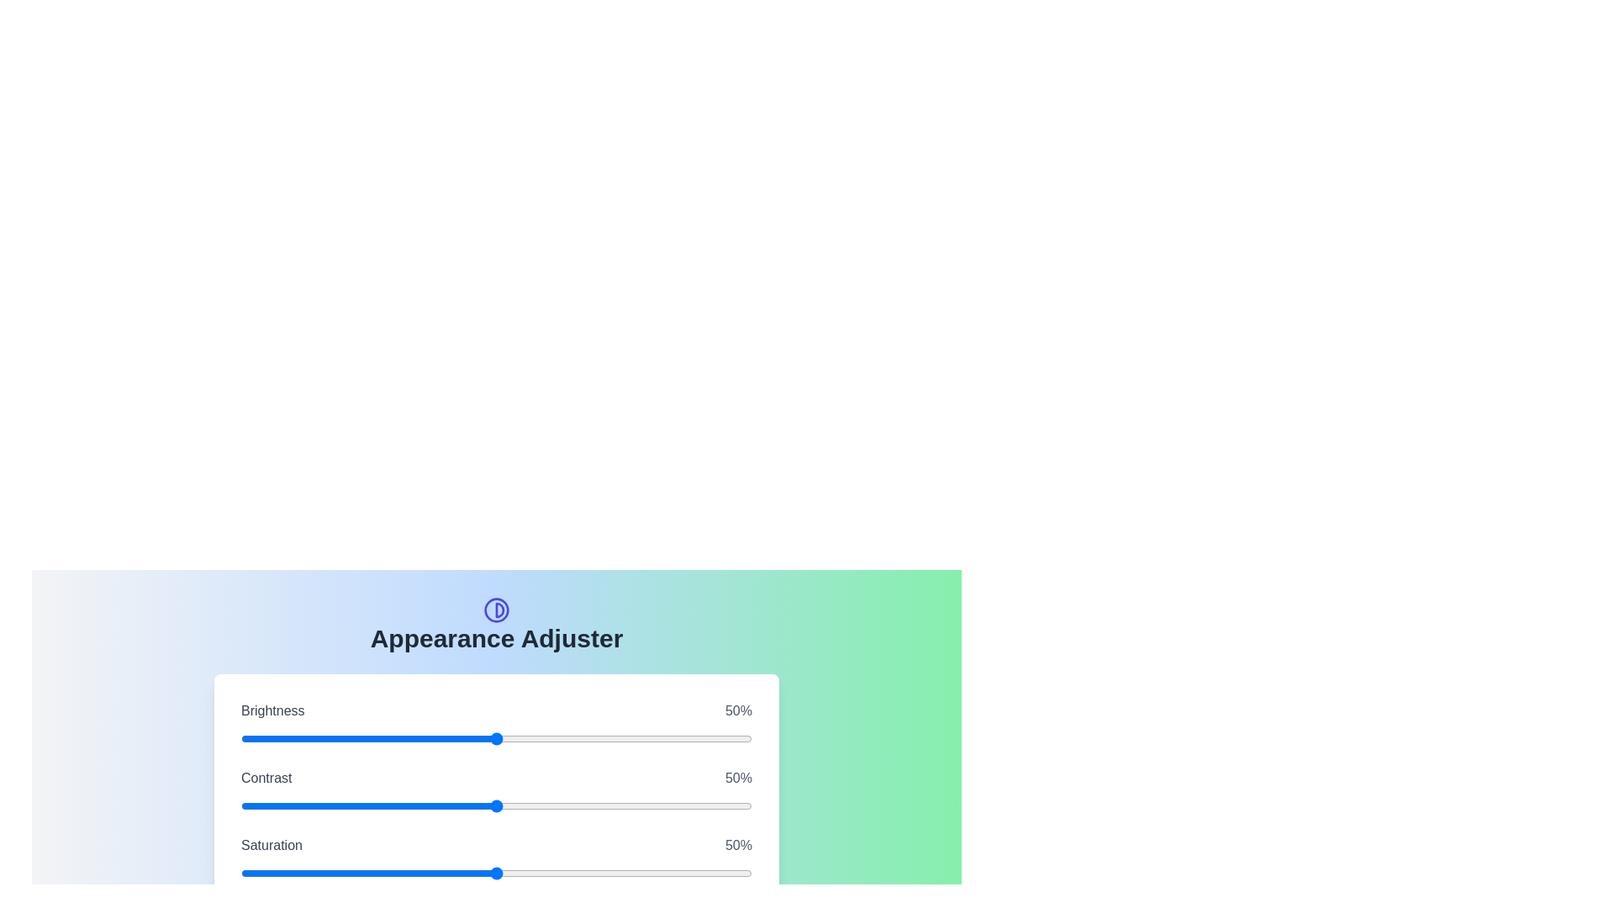  I want to click on the 1 slider to 59%, so click(646, 805).